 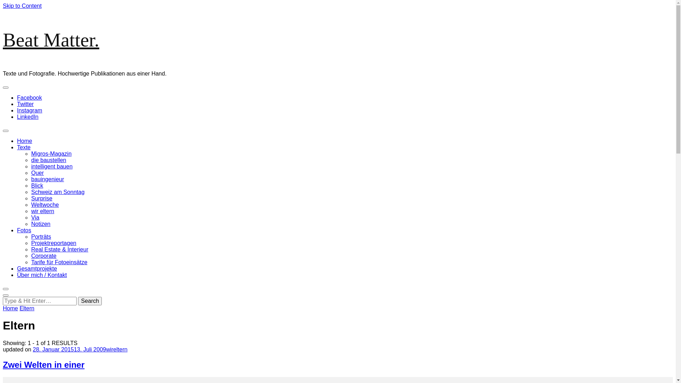 What do you see at coordinates (51, 166) in the screenshot?
I see `'intelligent bauen'` at bounding box center [51, 166].